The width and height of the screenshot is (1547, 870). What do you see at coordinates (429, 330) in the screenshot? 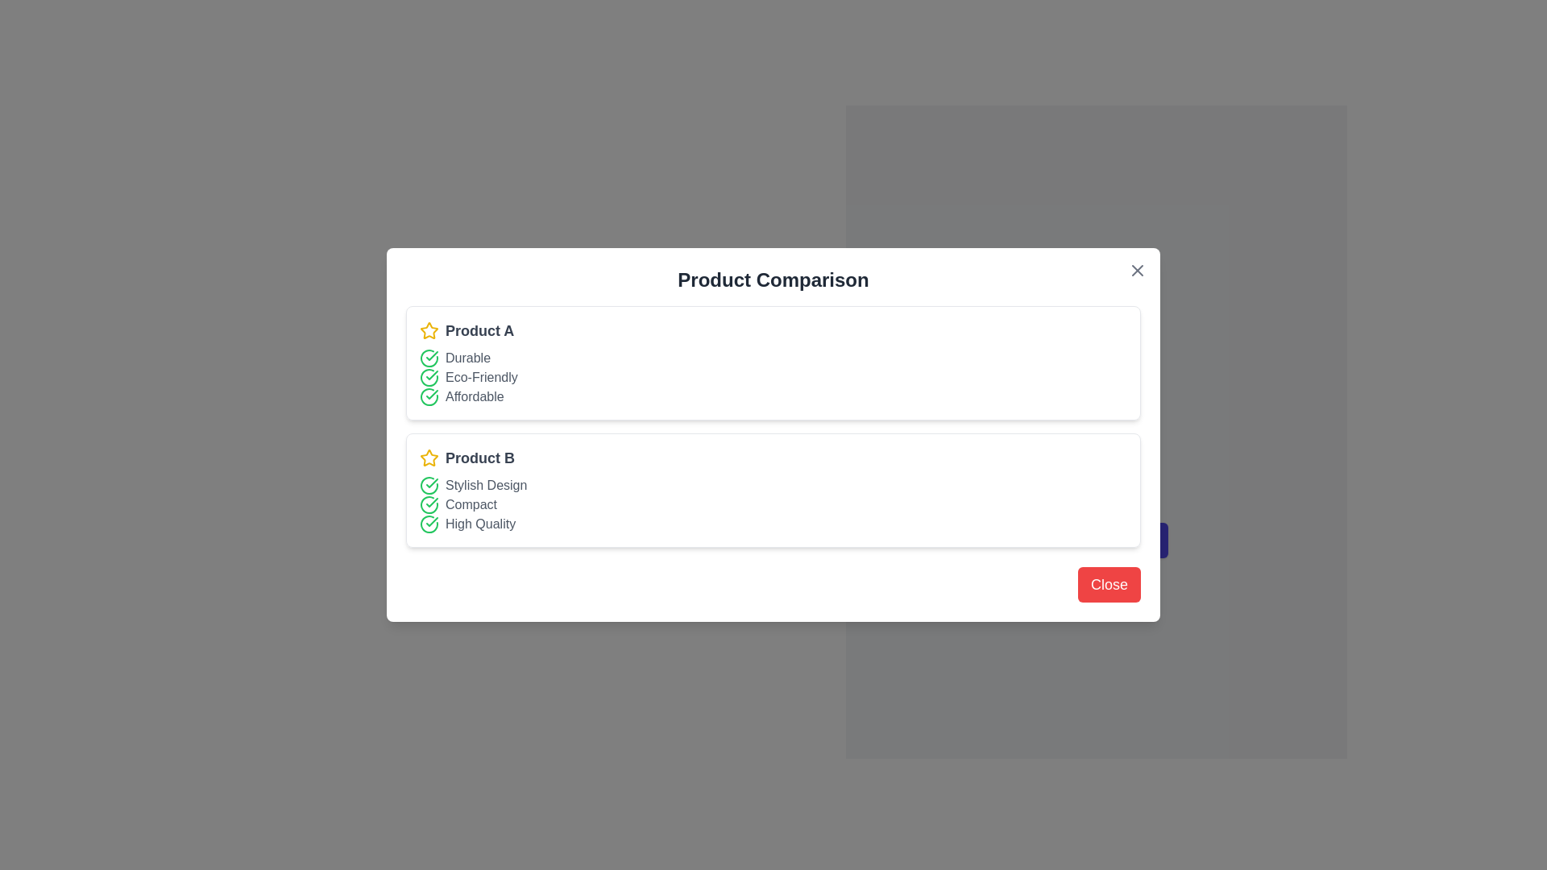
I see `star-shaped yellow icon located to the left of the 'Product A' text in the upper section of the modal window` at bounding box center [429, 330].